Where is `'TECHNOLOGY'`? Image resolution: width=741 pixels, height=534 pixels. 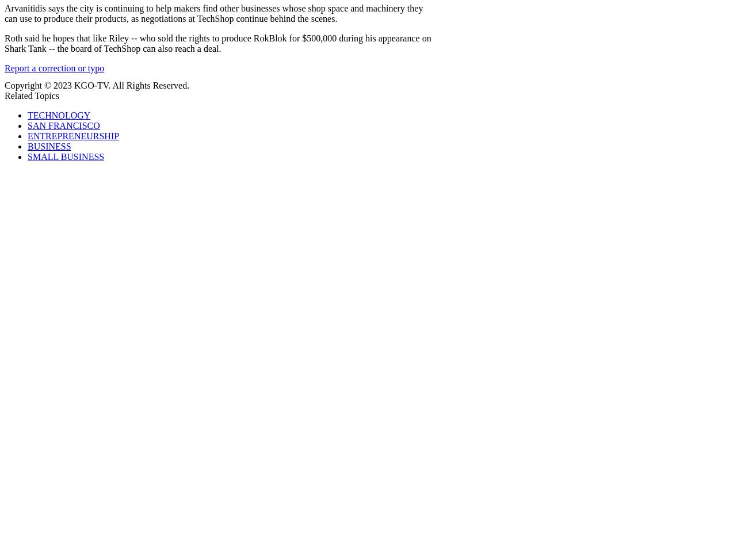
'TECHNOLOGY' is located at coordinates (28, 115).